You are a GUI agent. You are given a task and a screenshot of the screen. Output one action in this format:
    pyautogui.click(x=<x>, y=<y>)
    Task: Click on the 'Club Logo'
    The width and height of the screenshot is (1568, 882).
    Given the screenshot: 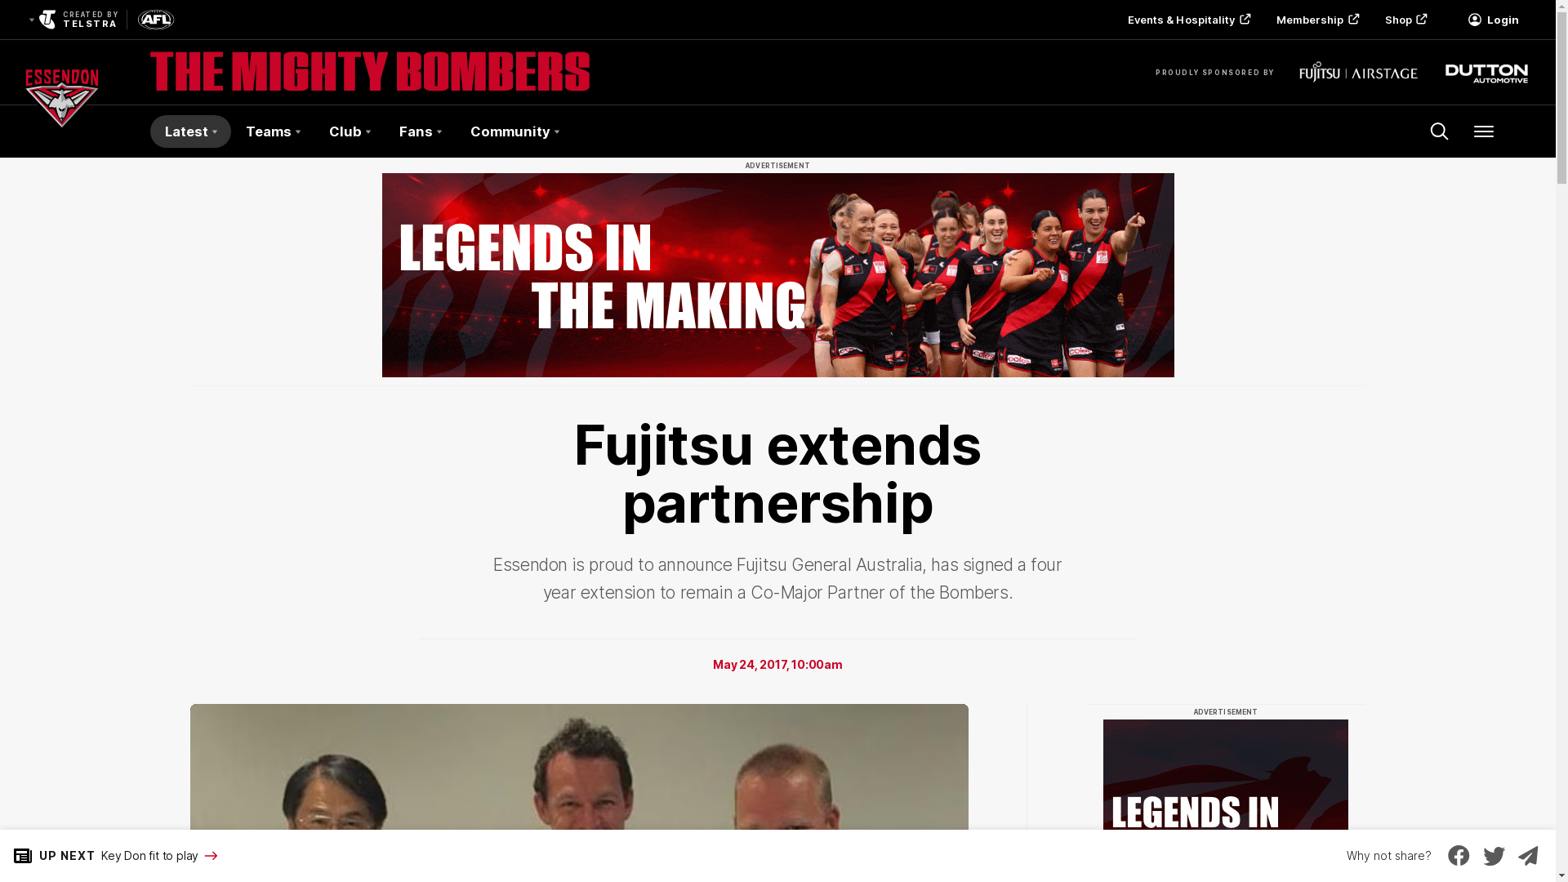 What is the action you would take?
    pyautogui.click(x=62, y=131)
    